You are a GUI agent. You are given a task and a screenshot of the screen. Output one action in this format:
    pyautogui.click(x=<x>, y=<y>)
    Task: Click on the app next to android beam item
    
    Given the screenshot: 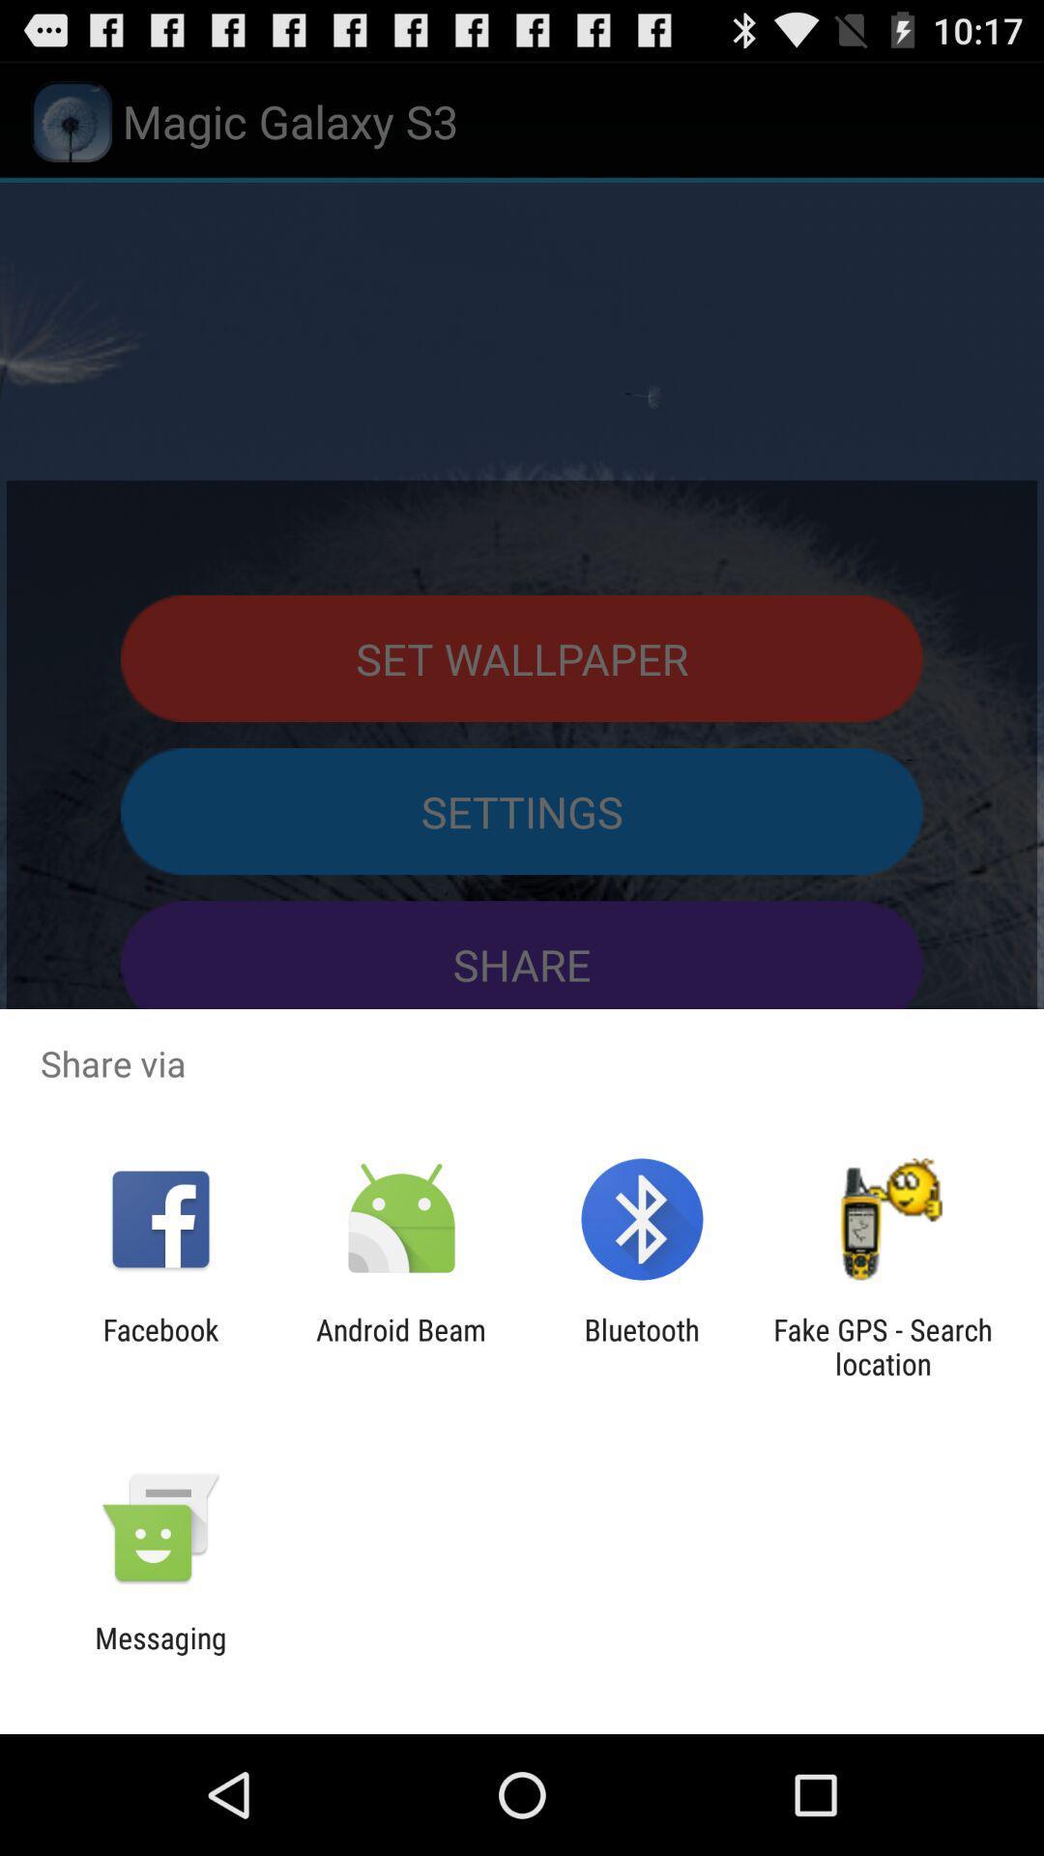 What is the action you would take?
    pyautogui.click(x=642, y=1346)
    